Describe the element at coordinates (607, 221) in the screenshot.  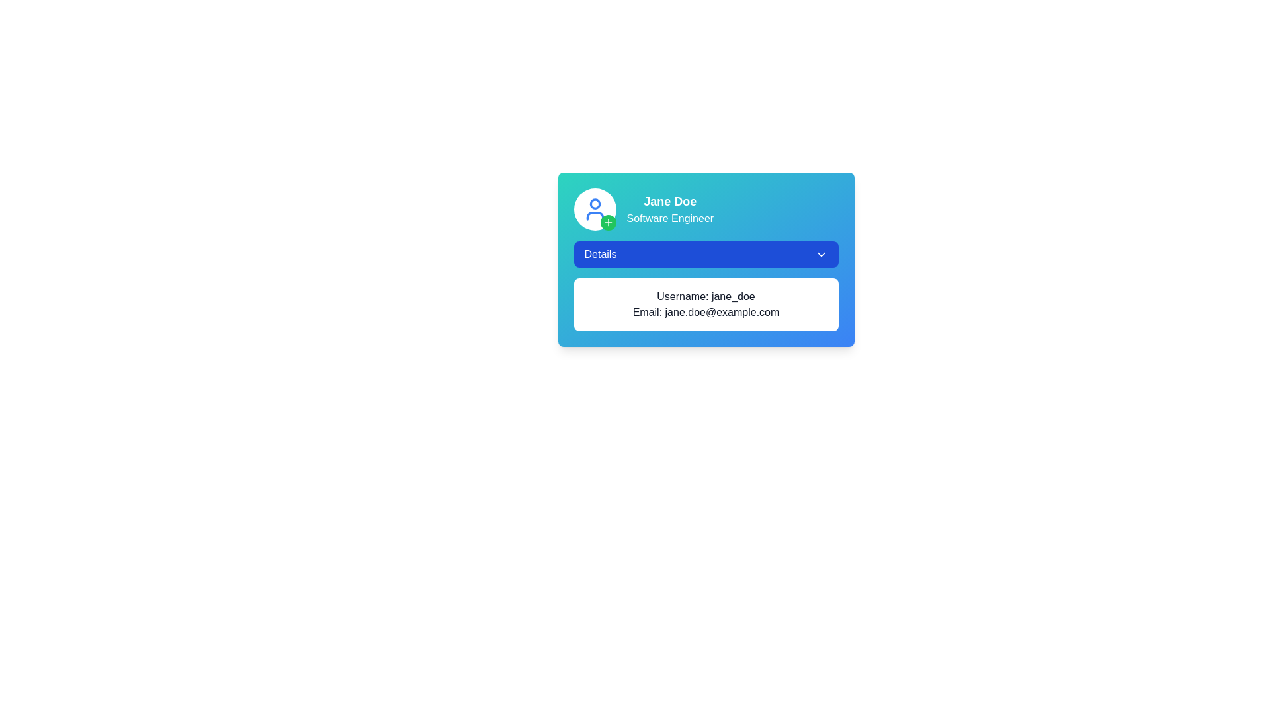
I see `the icon button located in the bottom-right corner of the profile picture inside the blue card section` at that location.